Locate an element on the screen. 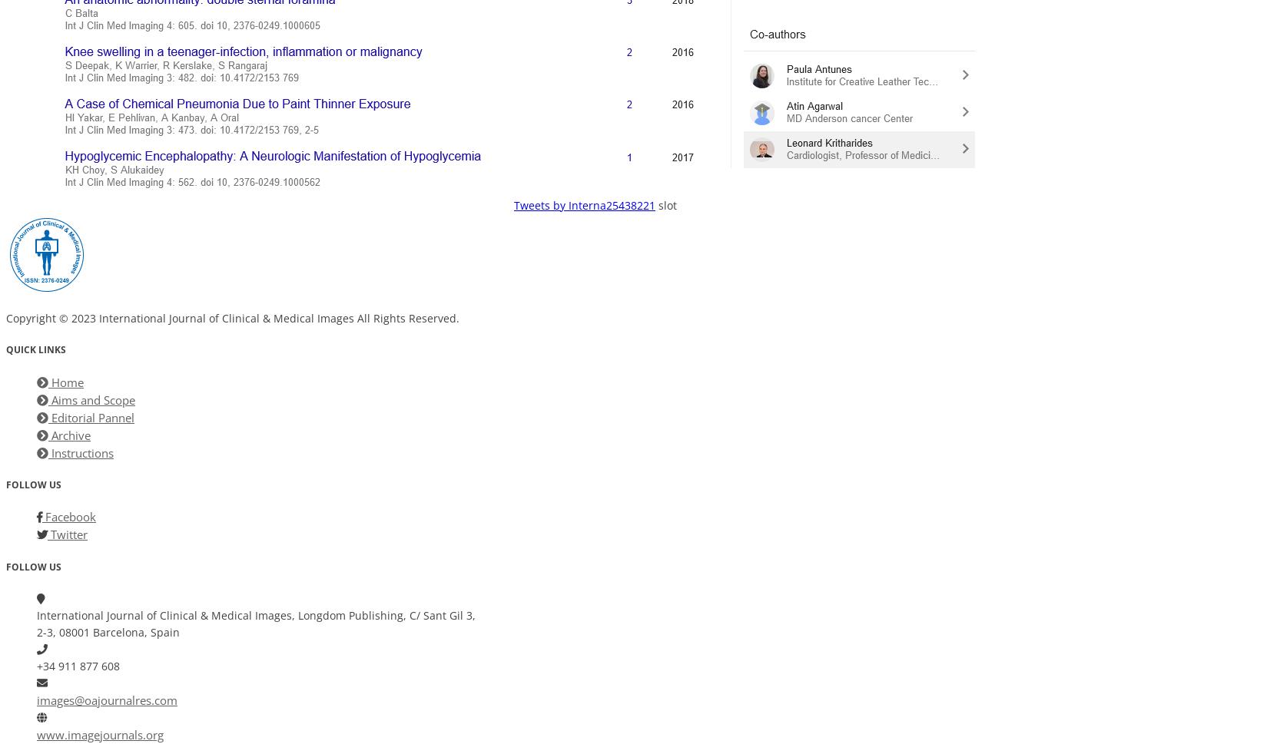  'www.imagejournals.org' is located at coordinates (100, 734).